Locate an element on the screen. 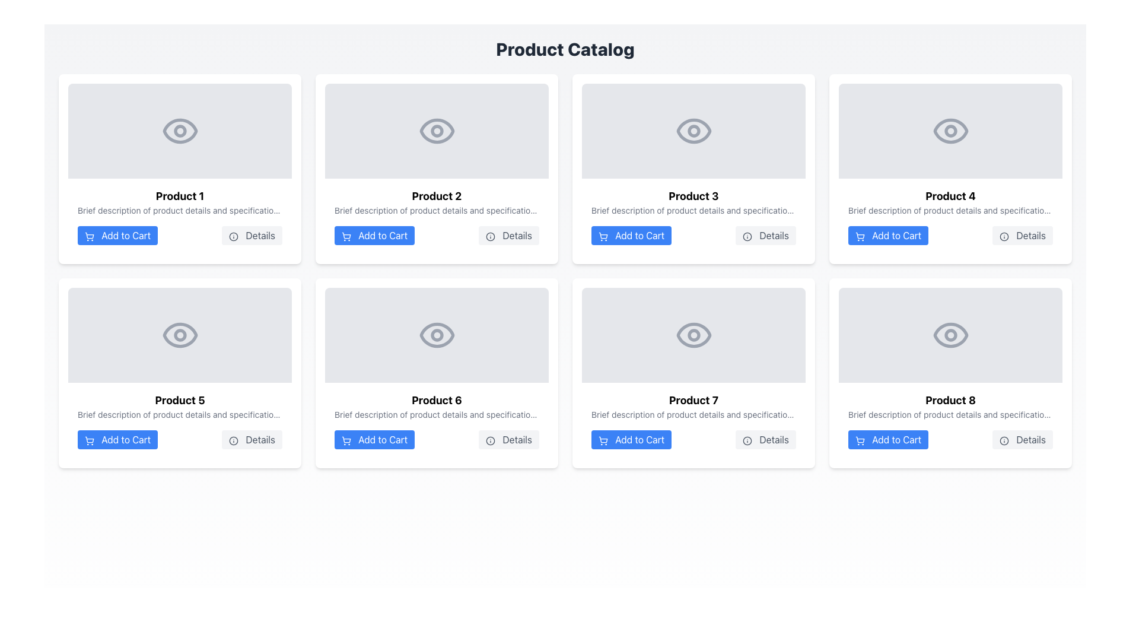  the shopping cart icon represented as a vector graphic within the blue 'Add to Cart' button located below the 'Product 3' card in the second row of the product catalog grid is located at coordinates (603, 235).